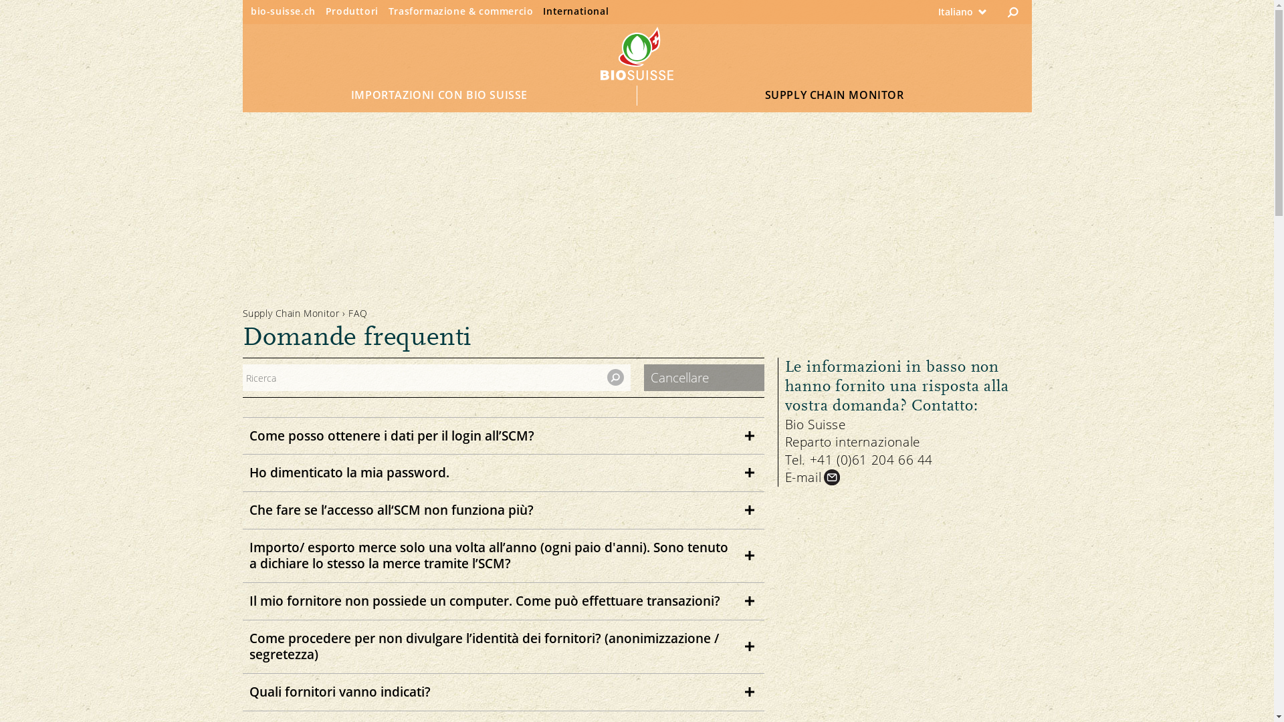 Image resolution: width=1284 pixels, height=722 pixels. I want to click on 'IMPORTAZIONI CON BIO SUISSE', so click(439, 94).